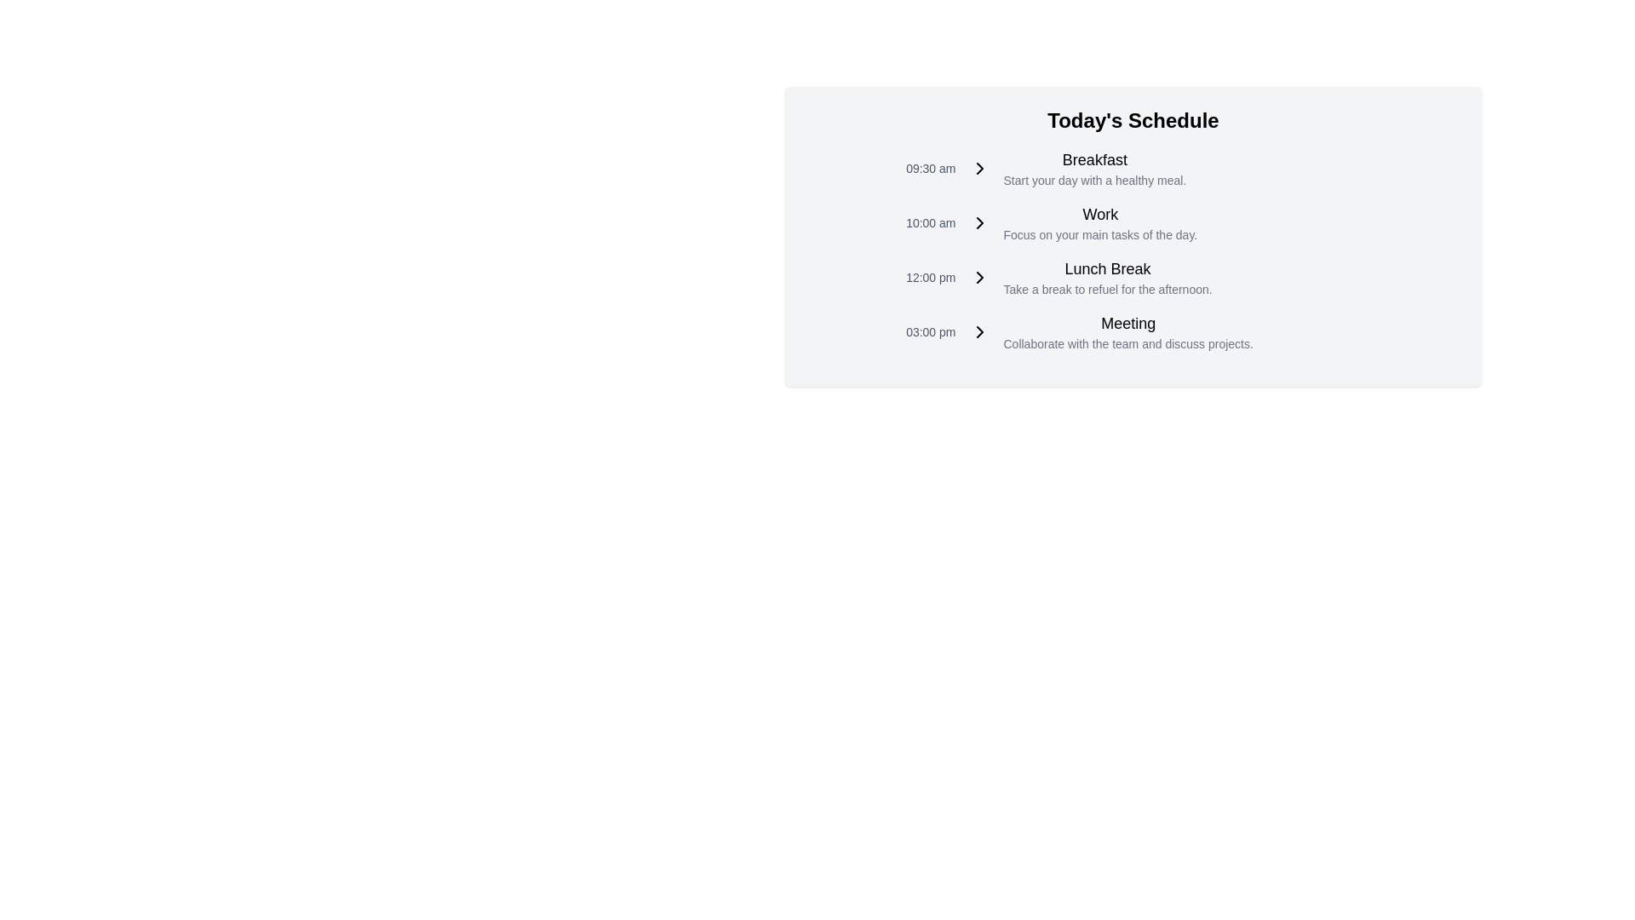  Describe the element at coordinates (1101, 277) in the screenshot. I see `the 'Lunch Break' text block to read the description 'Take a break to refuel for the afternoon.'` at that location.